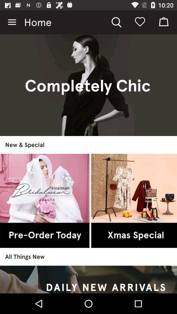  Describe the element at coordinates (12, 22) in the screenshot. I see `the icon at the top left corner` at that location.